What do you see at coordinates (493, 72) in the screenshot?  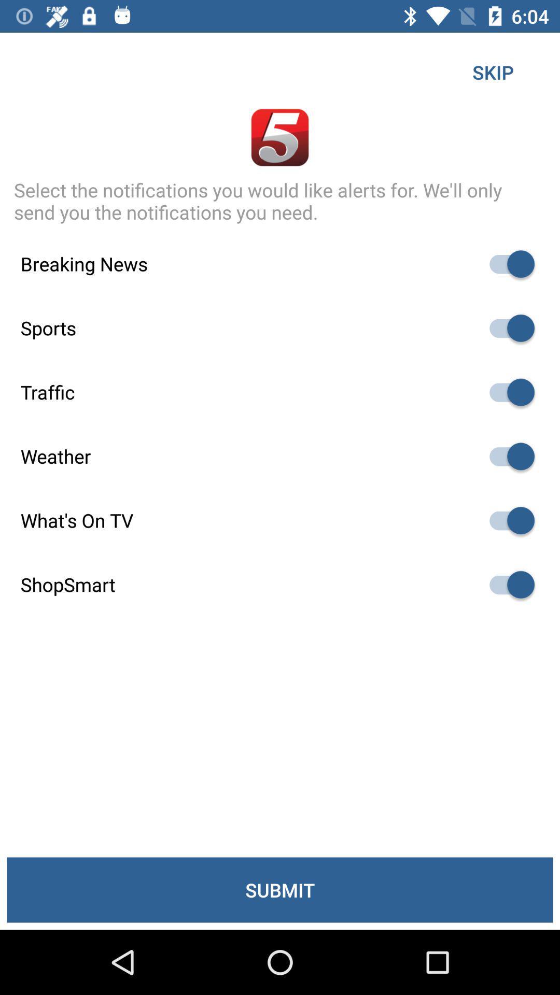 I see `the skip icon` at bounding box center [493, 72].